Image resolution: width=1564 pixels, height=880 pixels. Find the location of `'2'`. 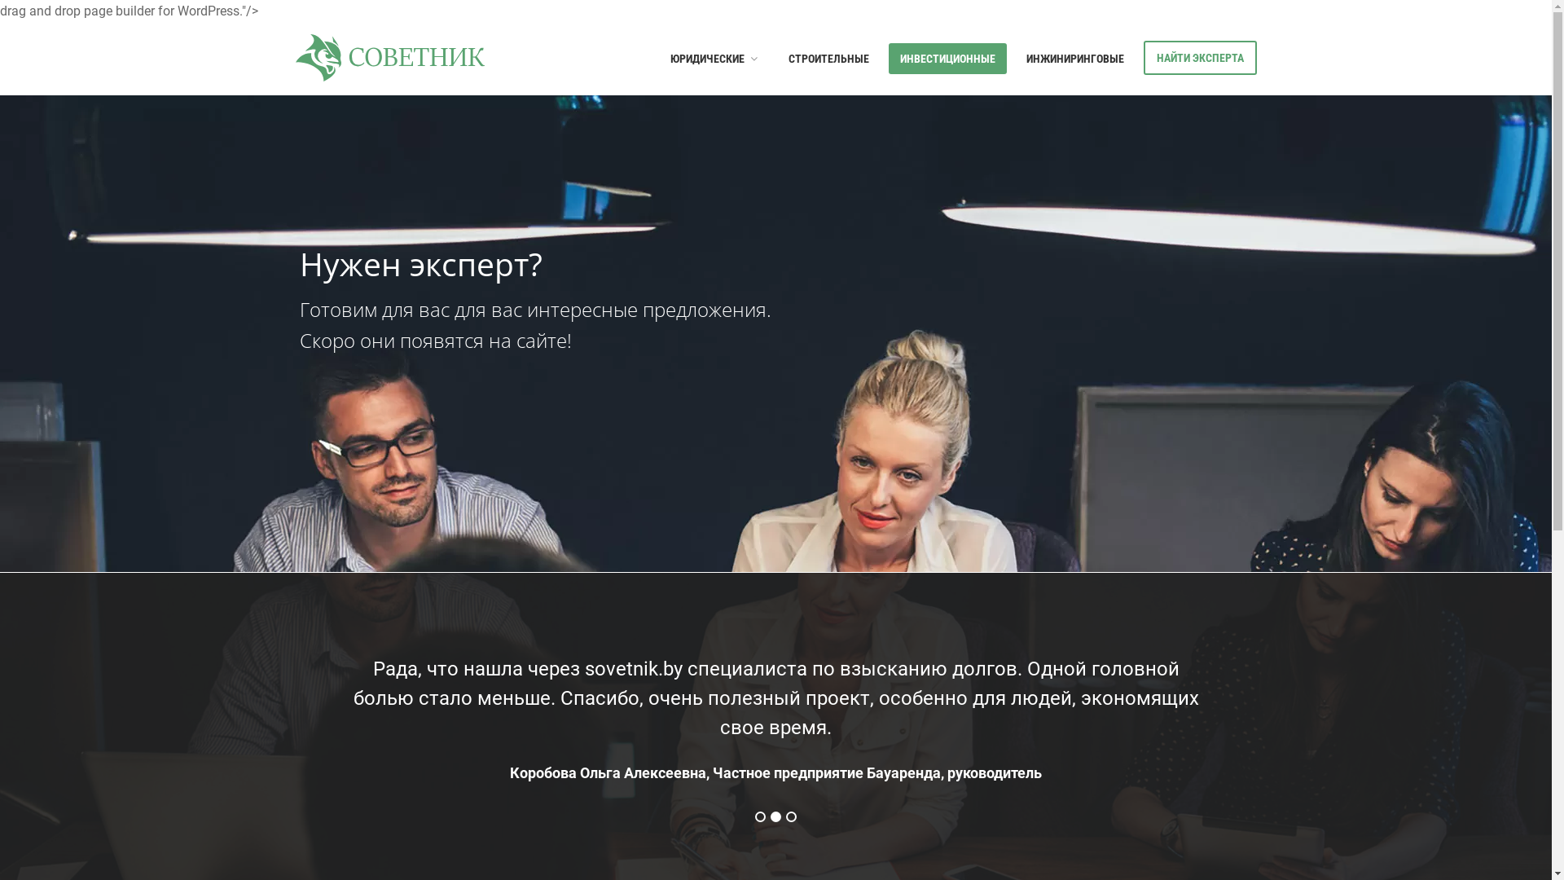

'2' is located at coordinates (775, 816).